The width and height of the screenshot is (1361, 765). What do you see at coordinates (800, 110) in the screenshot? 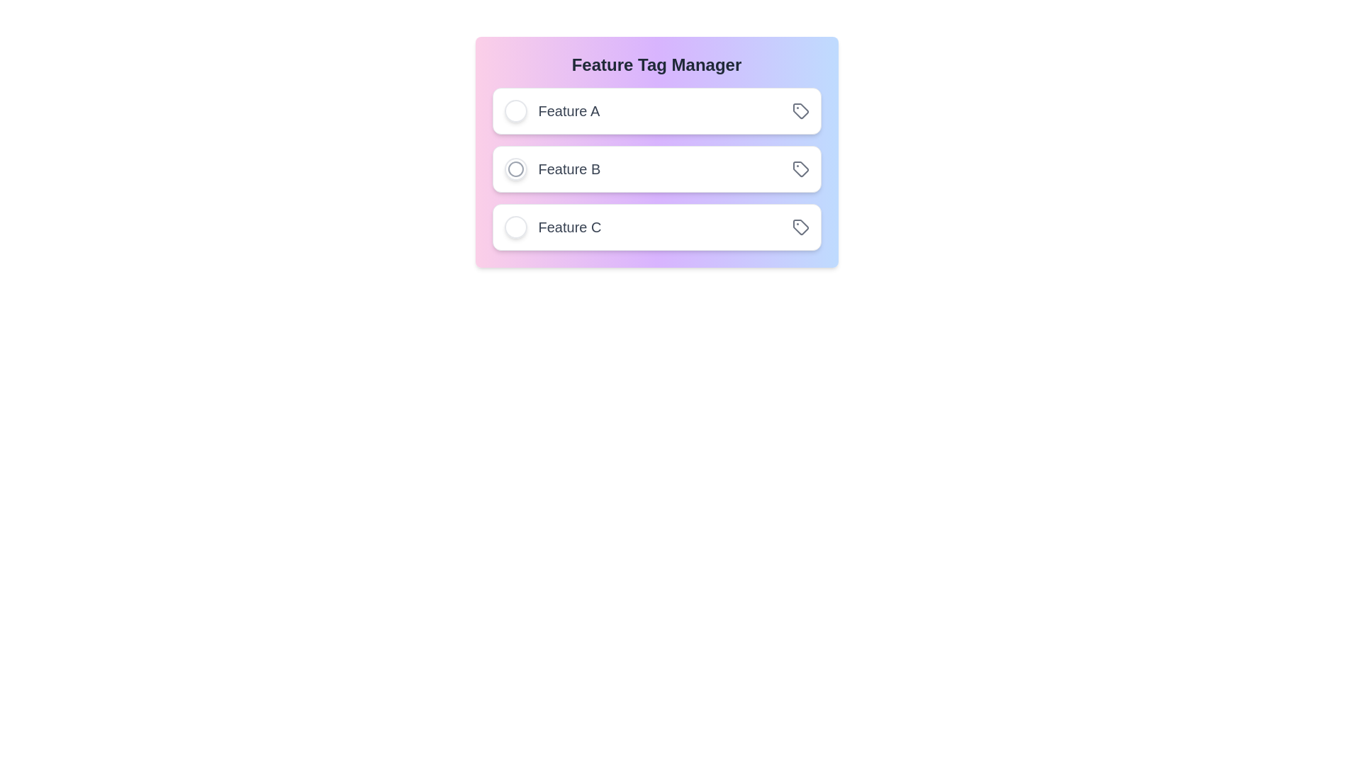
I see `the gray tag icon with rounded corners located at the far-right end of the 'Feature A' row` at bounding box center [800, 110].